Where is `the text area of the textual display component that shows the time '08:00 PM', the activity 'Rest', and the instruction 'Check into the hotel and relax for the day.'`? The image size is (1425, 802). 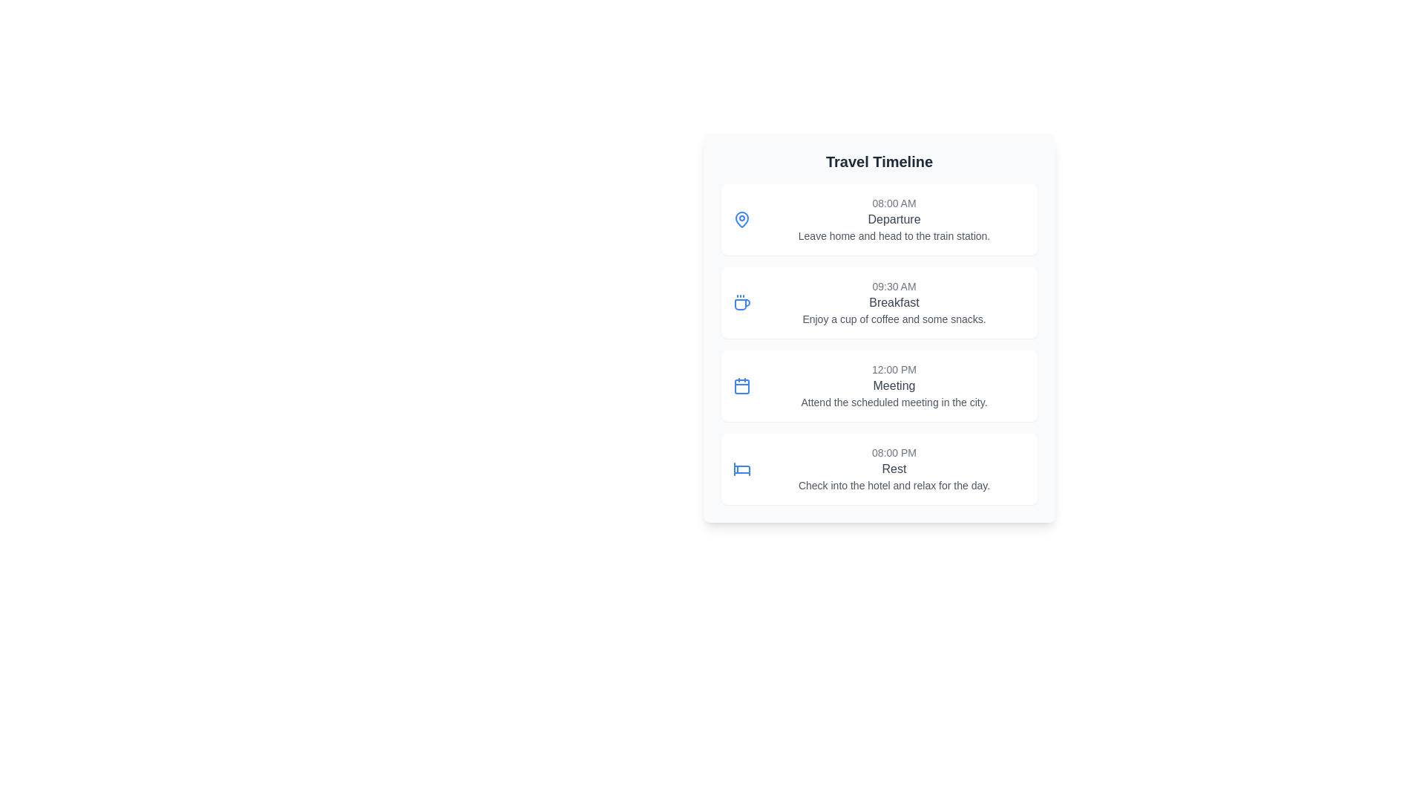
the text area of the textual display component that shows the time '08:00 PM', the activity 'Rest', and the instruction 'Check into the hotel and relax for the day.' is located at coordinates (893, 469).